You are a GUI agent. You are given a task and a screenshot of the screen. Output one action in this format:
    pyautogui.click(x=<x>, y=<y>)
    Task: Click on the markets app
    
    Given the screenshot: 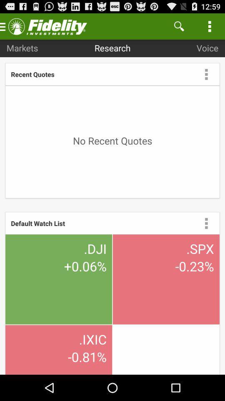 What is the action you would take?
    pyautogui.click(x=22, y=48)
    